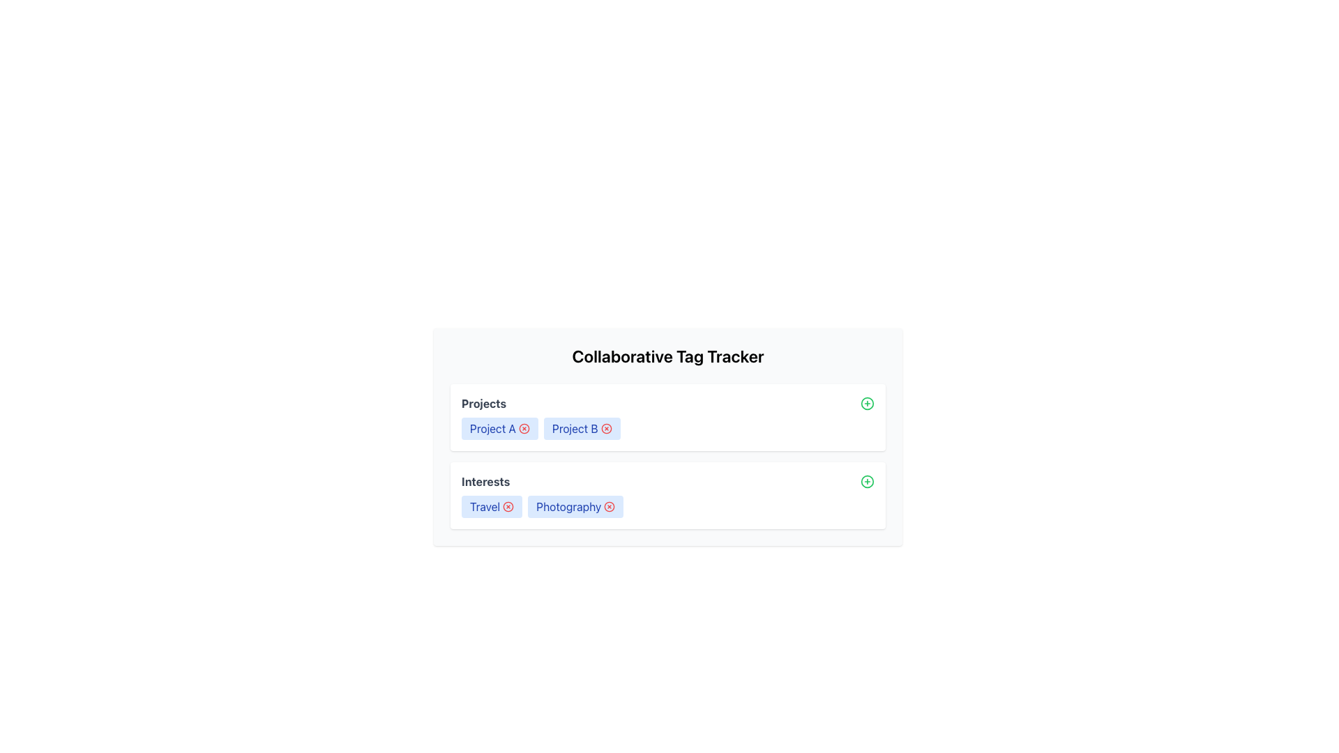 The image size is (1339, 753). What do you see at coordinates (606, 427) in the screenshot?
I see `the icon button located at the top-right corner of the 'Project B' tag in the 'Projects' section to change its appearance` at bounding box center [606, 427].